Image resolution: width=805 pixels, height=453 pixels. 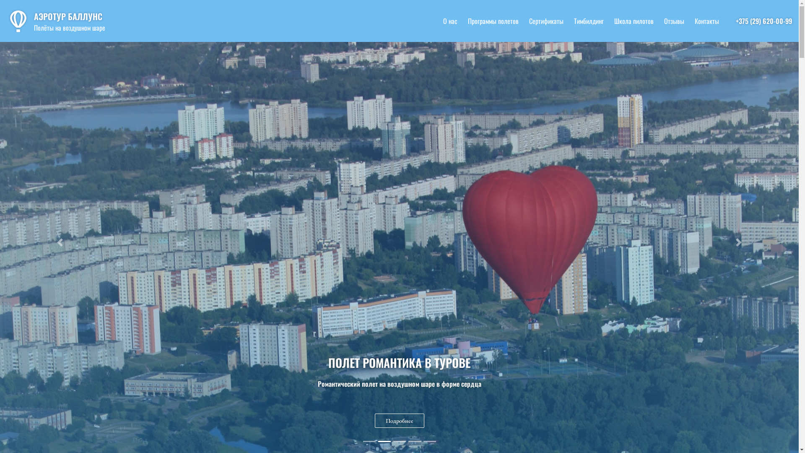 What do you see at coordinates (764, 21) in the screenshot?
I see `'+375 (29) 620-00-99'` at bounding box center [764, 21].